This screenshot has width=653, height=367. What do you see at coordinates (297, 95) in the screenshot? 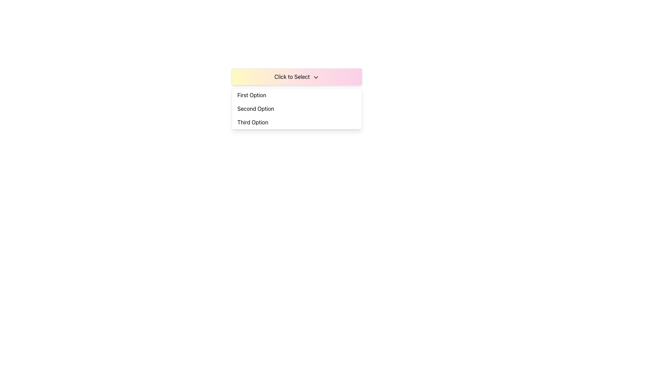
I see `the 'First Option' button in the dropdown menu` at bounding box center [297, 95].